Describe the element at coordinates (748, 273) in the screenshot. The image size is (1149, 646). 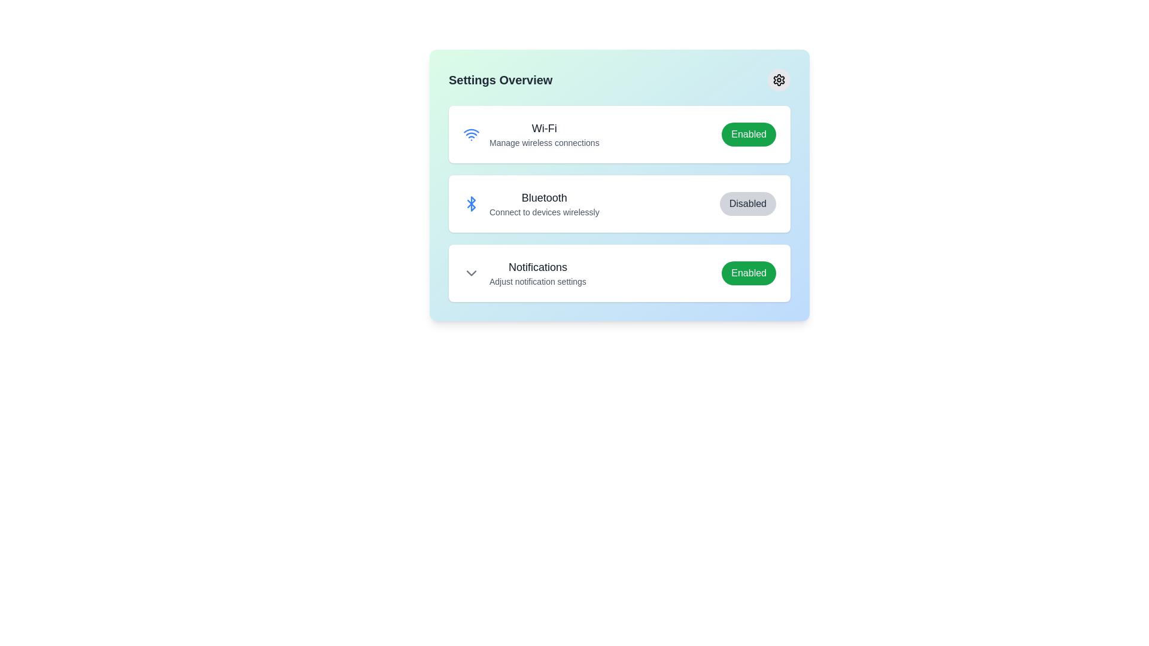
I see `the button labeled Notifications to reveal its hover effect` at that location.